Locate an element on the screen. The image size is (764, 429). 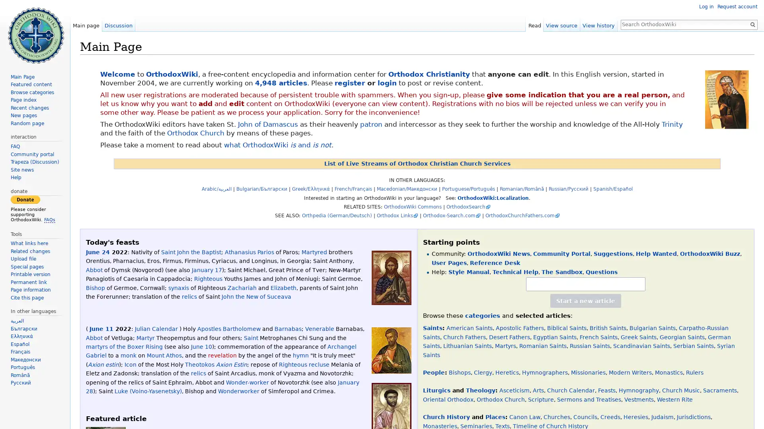
PayPal - The safer, easier way to pay online! is located at coordinates (25, 199).